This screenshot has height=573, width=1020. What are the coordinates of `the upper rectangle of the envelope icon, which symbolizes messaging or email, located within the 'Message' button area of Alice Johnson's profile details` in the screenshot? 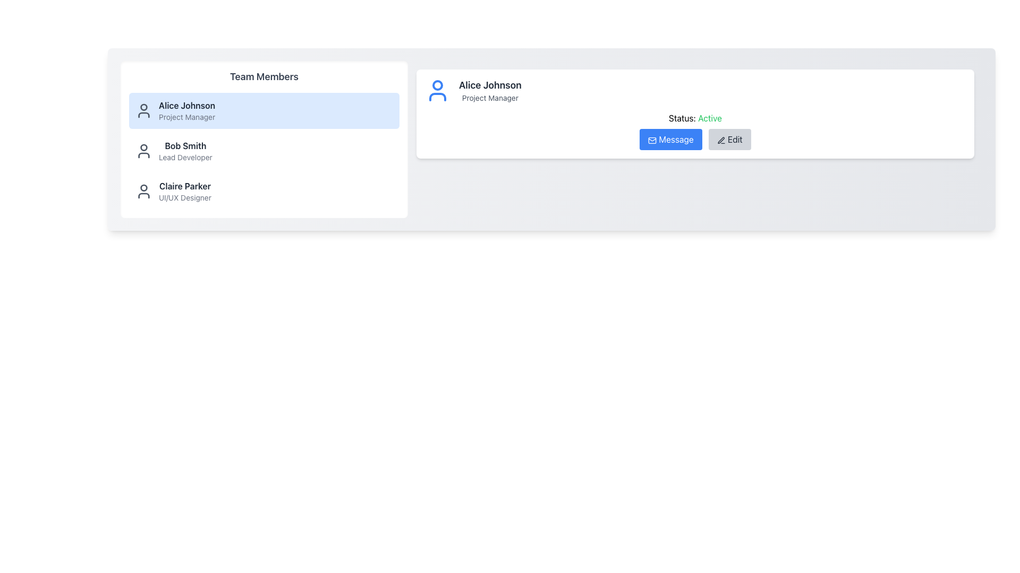 It's located at (652, 140).